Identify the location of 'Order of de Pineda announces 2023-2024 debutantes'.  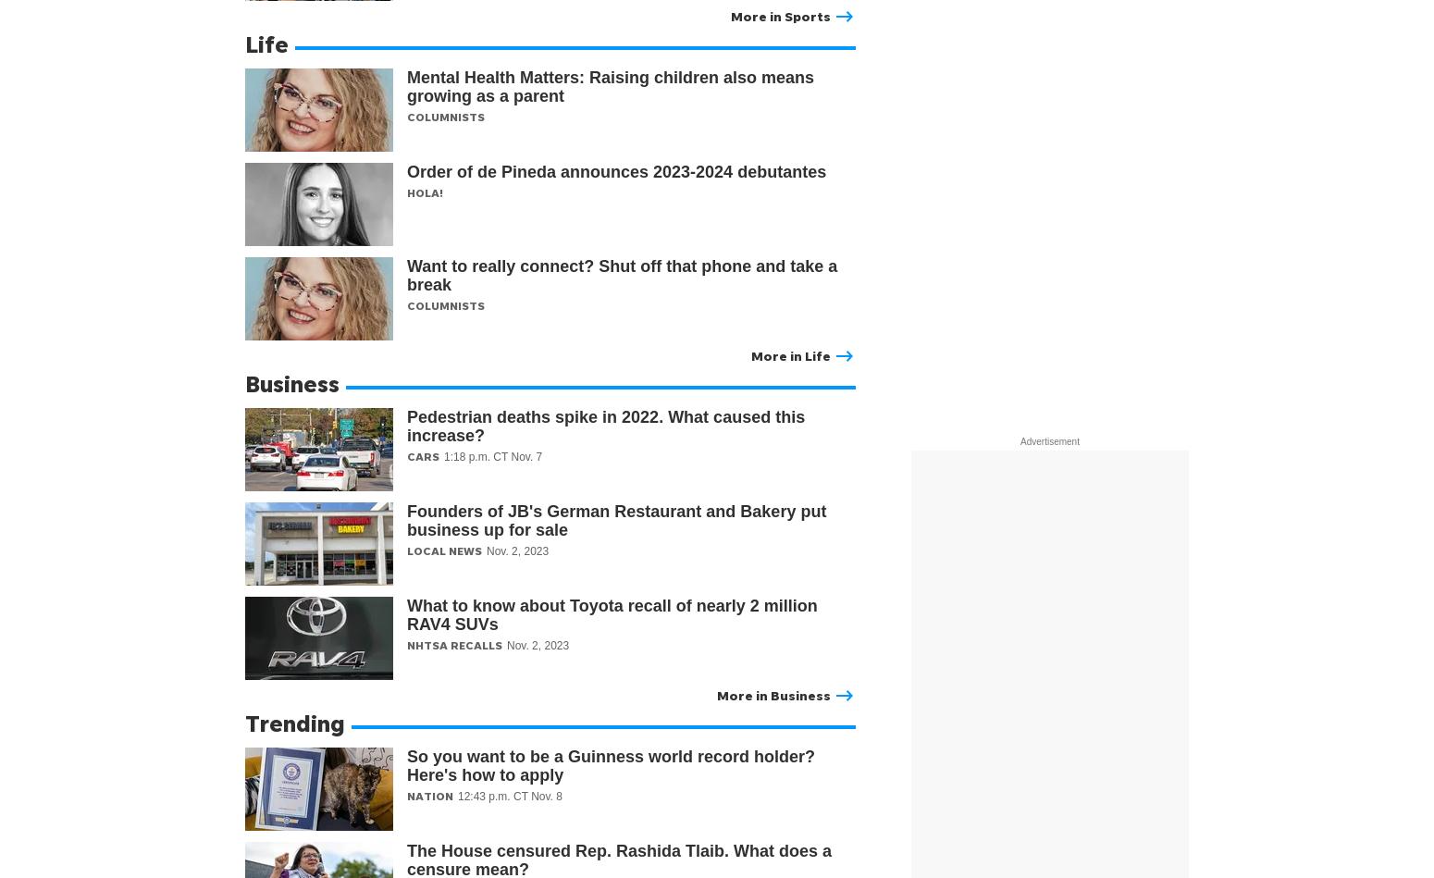
(617, 171).